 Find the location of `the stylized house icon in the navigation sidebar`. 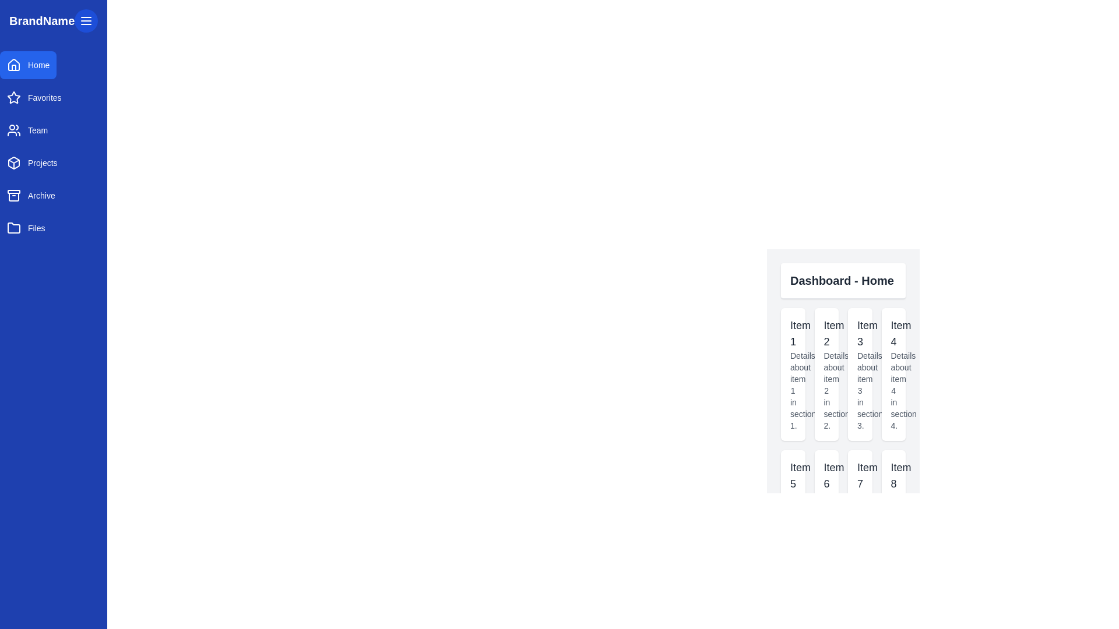

the stylized house icon in the navigation sidebar is located at coordinates (14, 65).